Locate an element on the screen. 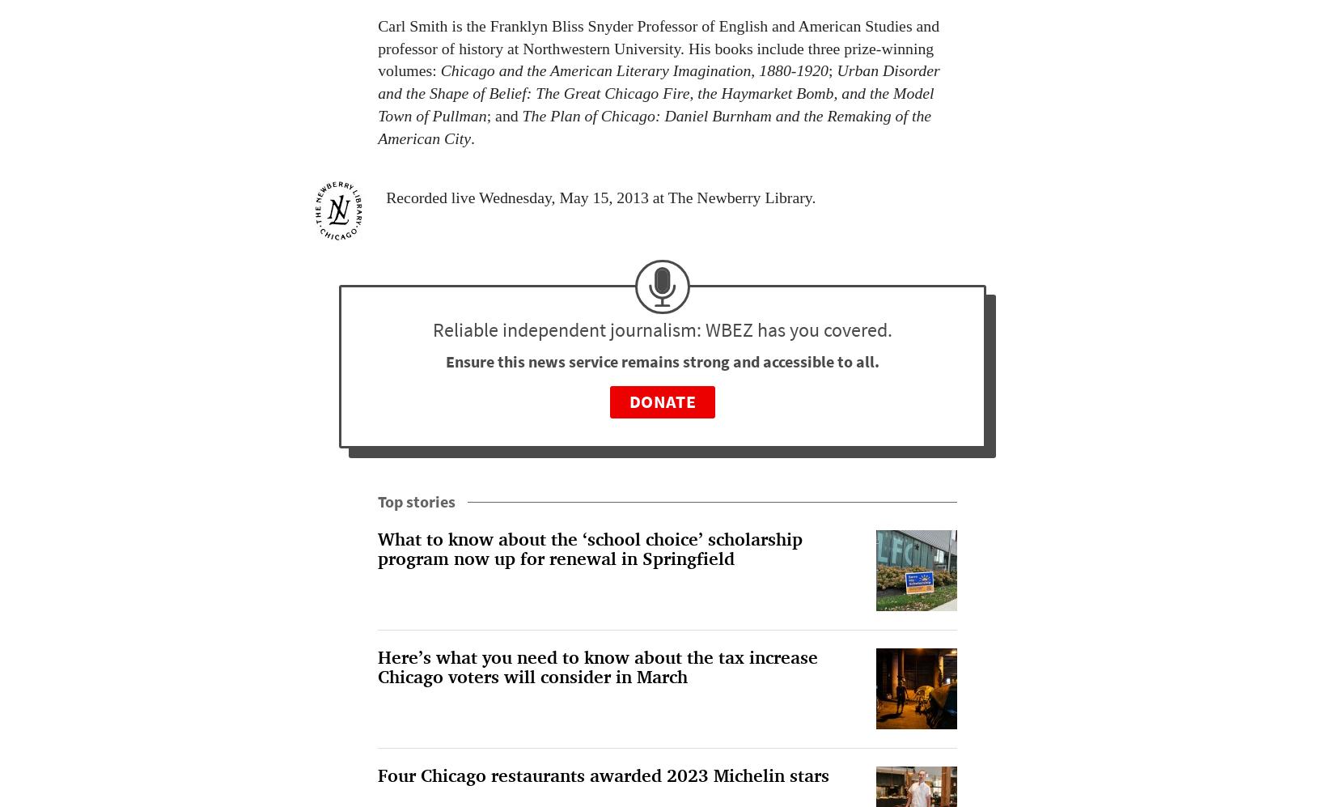 This screenshot has width=1335, height=807. 'the Haymarket Bomb, and the Model Town of Pullman' is located at coordinates (655, 104).